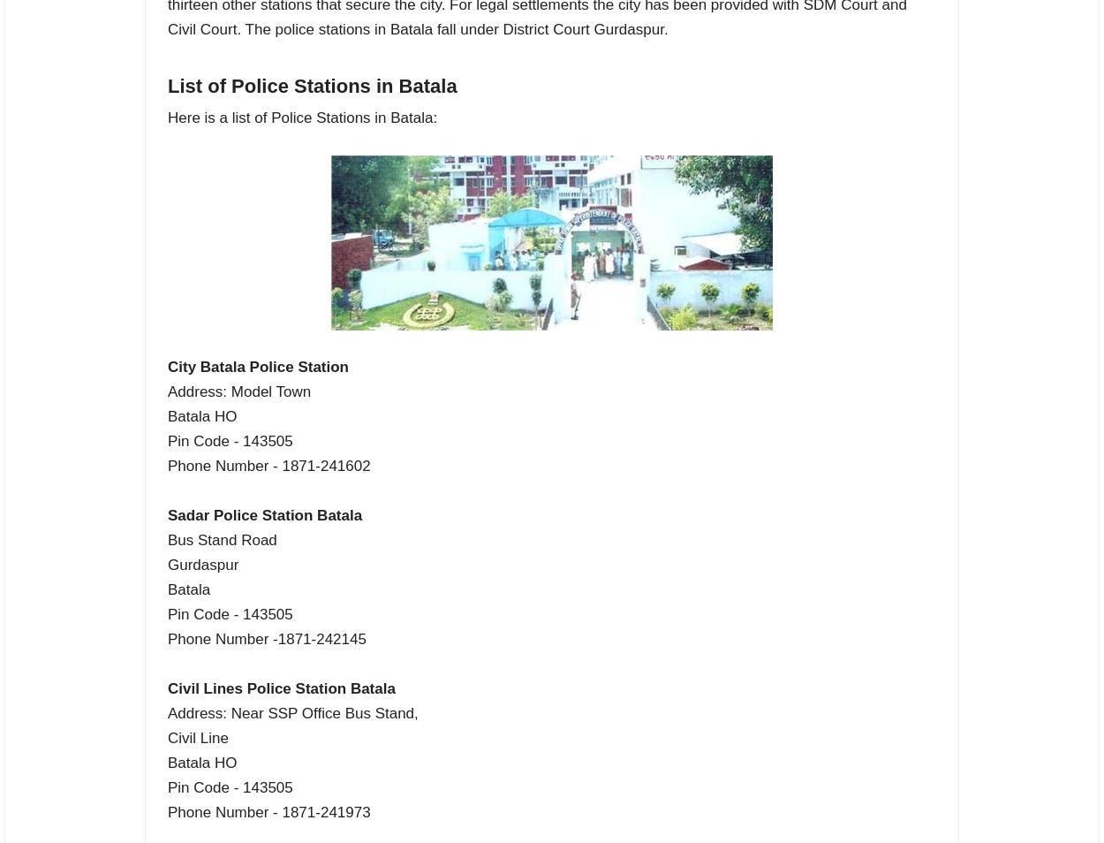  I want to click on 'Sadar Police Station Batala', so click(265, 513).